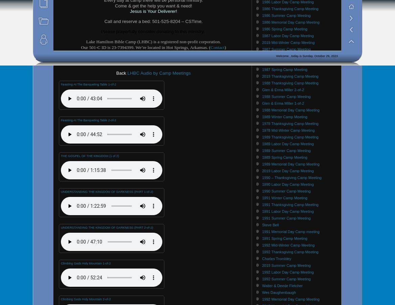  What do you see at coordinates (262, 150) in the screenshot?
I see `'1989 Summer Camp Meeting'` at bounding box center [262, 150].